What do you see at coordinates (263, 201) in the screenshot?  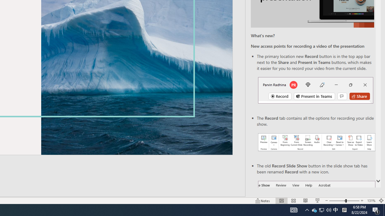 I see `'Notes '` at bounding box center [263, 201].